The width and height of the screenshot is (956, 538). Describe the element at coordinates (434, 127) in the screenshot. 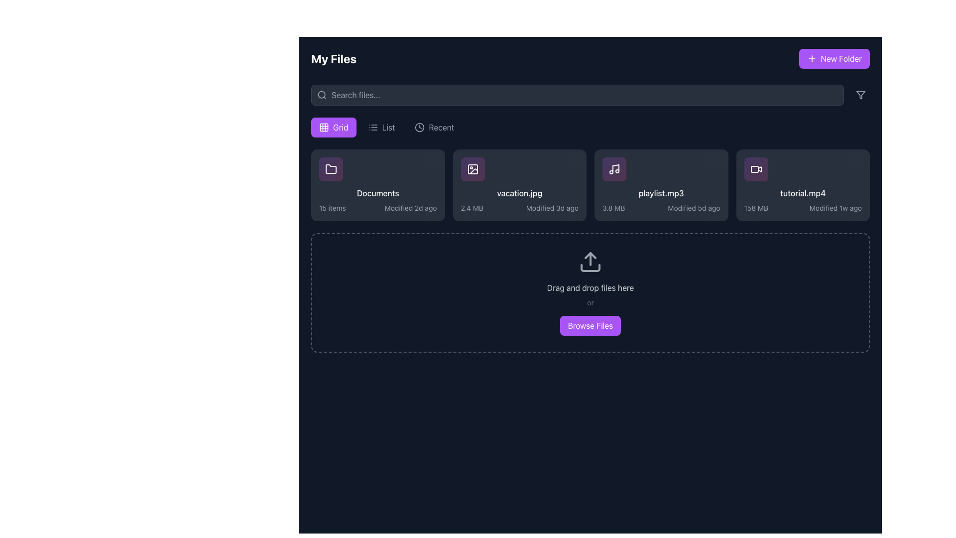

I see `the filter/sort button located near the top-right corner of the main control bar` at that location.